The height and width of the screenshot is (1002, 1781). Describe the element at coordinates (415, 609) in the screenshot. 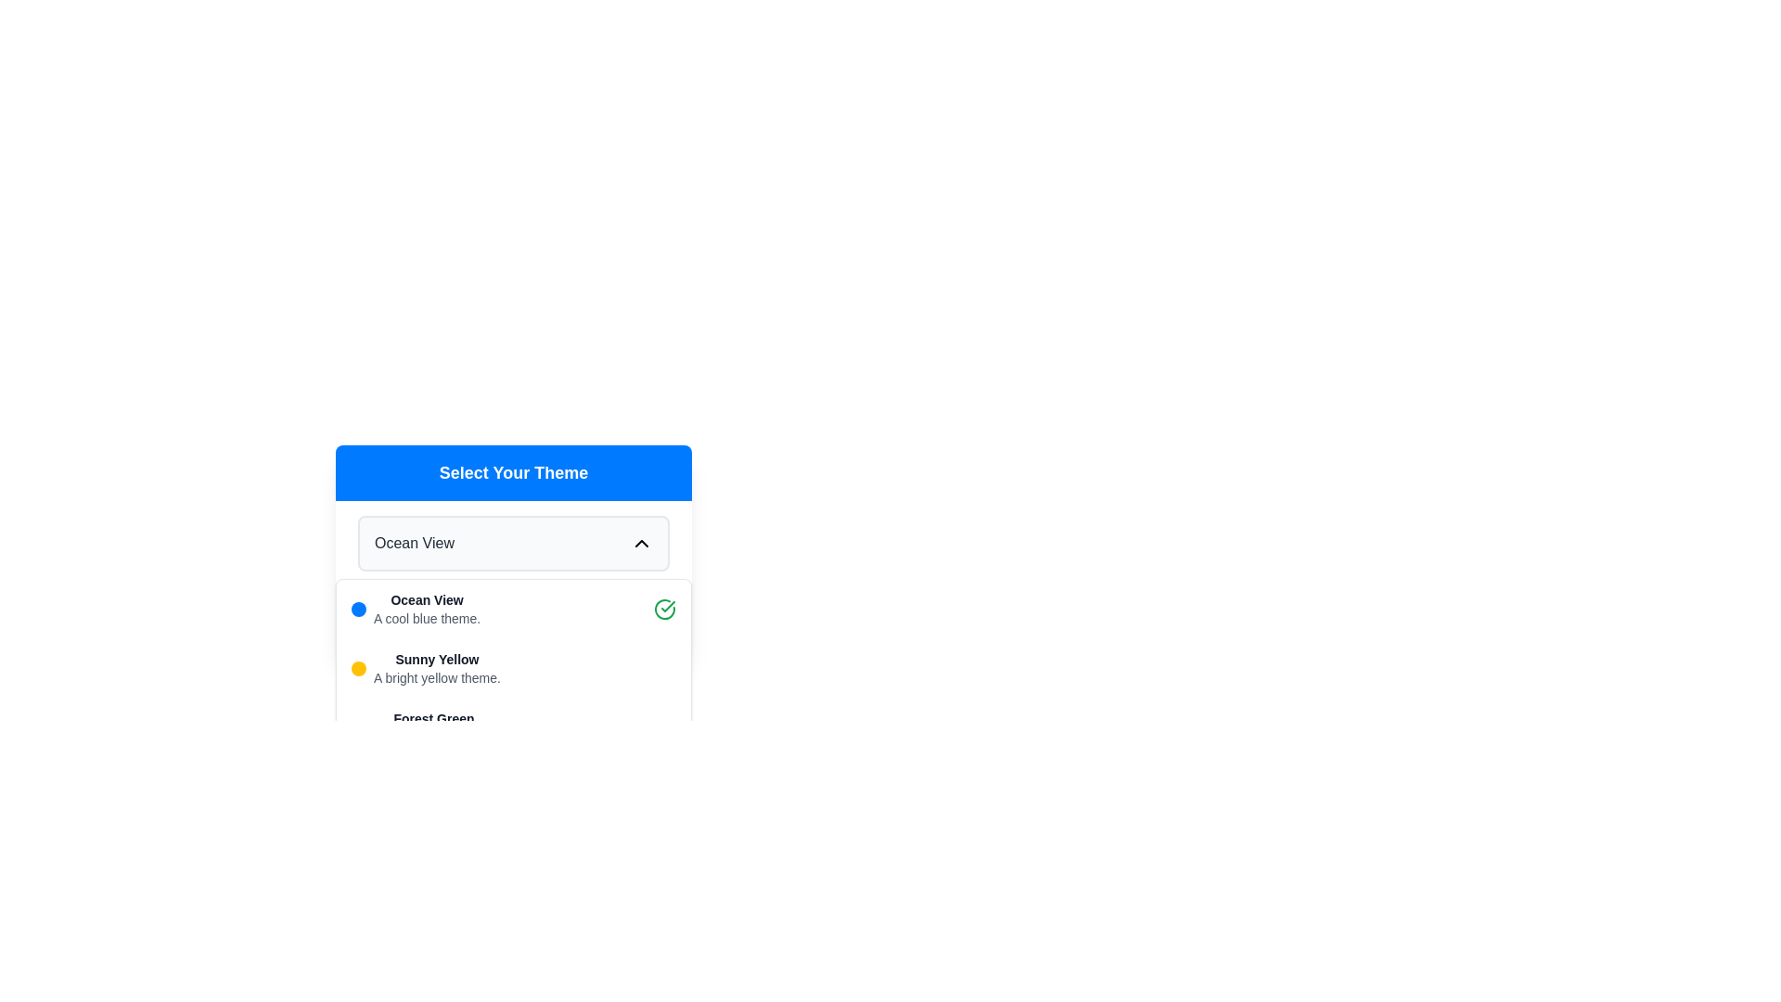

I see `the first list item in the 'Select Your Theme' section, which displays 'Ocean View' in bold black text and has a blue circular marker on the left` at that location.